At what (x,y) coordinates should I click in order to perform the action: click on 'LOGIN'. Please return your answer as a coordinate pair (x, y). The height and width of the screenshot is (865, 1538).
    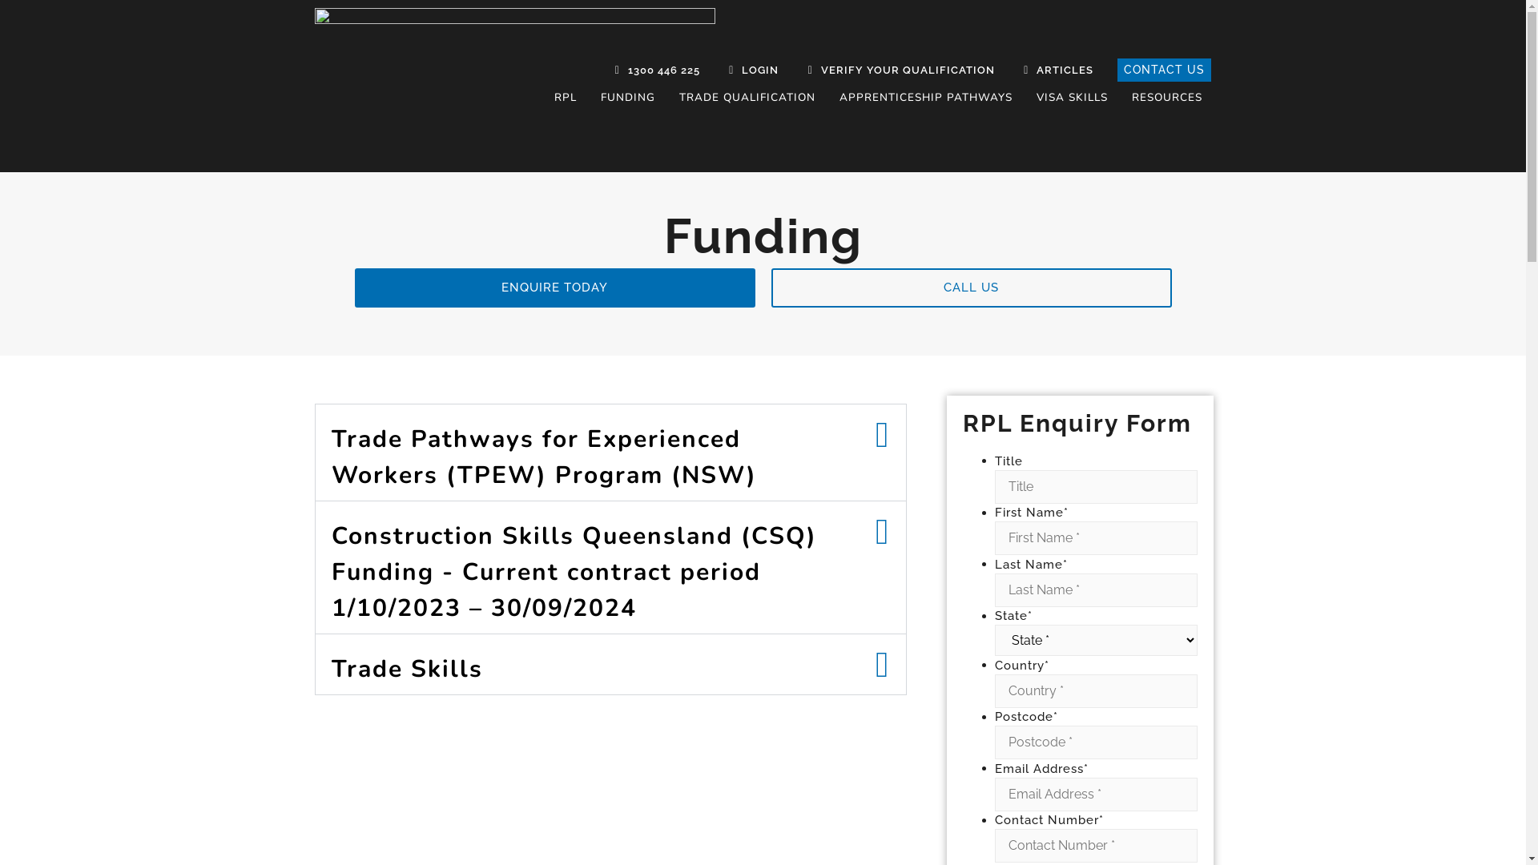
    Looking at the image, I should click on (719, 70).